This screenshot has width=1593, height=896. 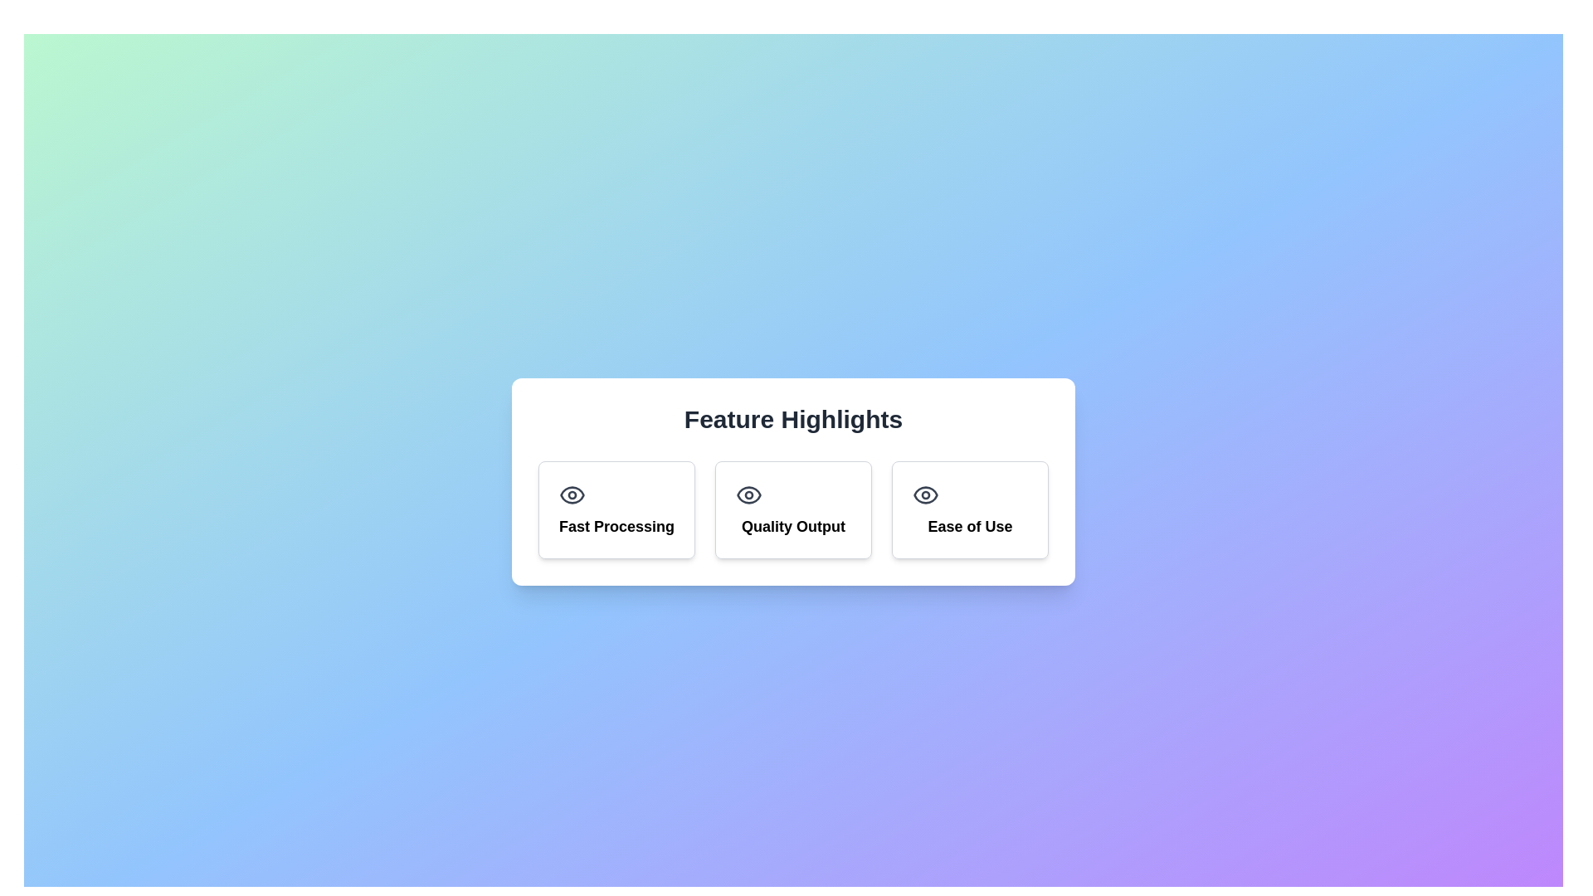 What do you see at coordinates (792, 527) in the screenshot?
I see `text label indicating the title or purpose of the adjacent icon, located in the center of the middle column, below the eye icon` at bounding box center [792, 527].